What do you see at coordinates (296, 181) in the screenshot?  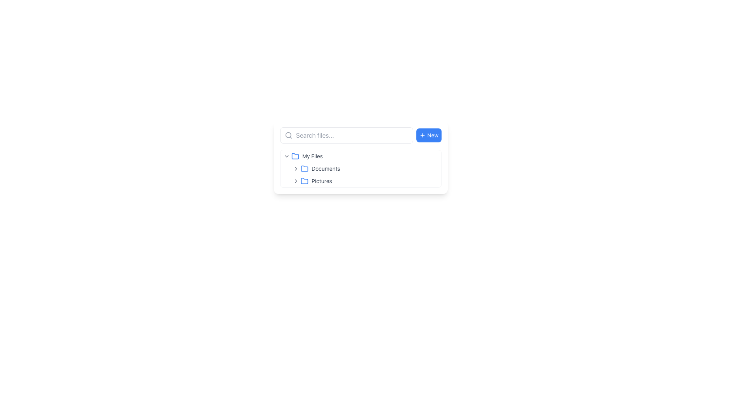 I see `the small gray chevron icon that serves as an indicator for the 'Pictures' folder entry in the file navigation interface` at bounding box center [296, 181].